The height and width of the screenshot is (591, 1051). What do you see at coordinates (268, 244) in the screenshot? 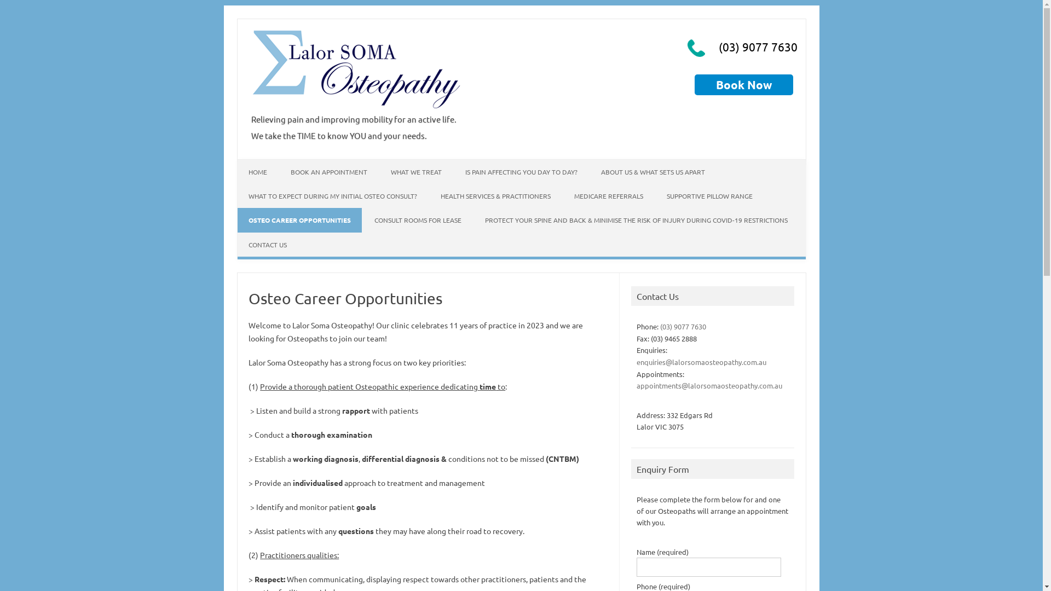
I see `'CONTACT US'` at bounding box center [268, 244].